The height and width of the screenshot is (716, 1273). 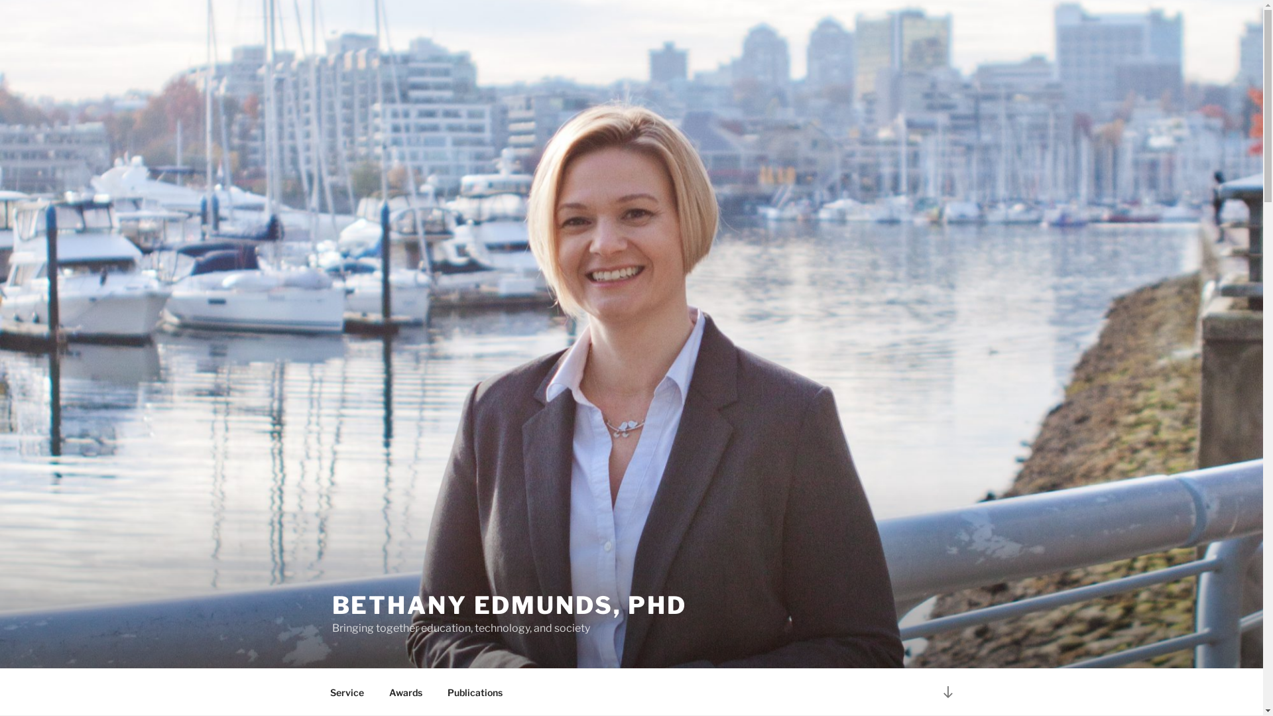 What do you see at coordinates (405, 691) in the screenshot?
I see `'Awards'` at bounding box center [405, 691].